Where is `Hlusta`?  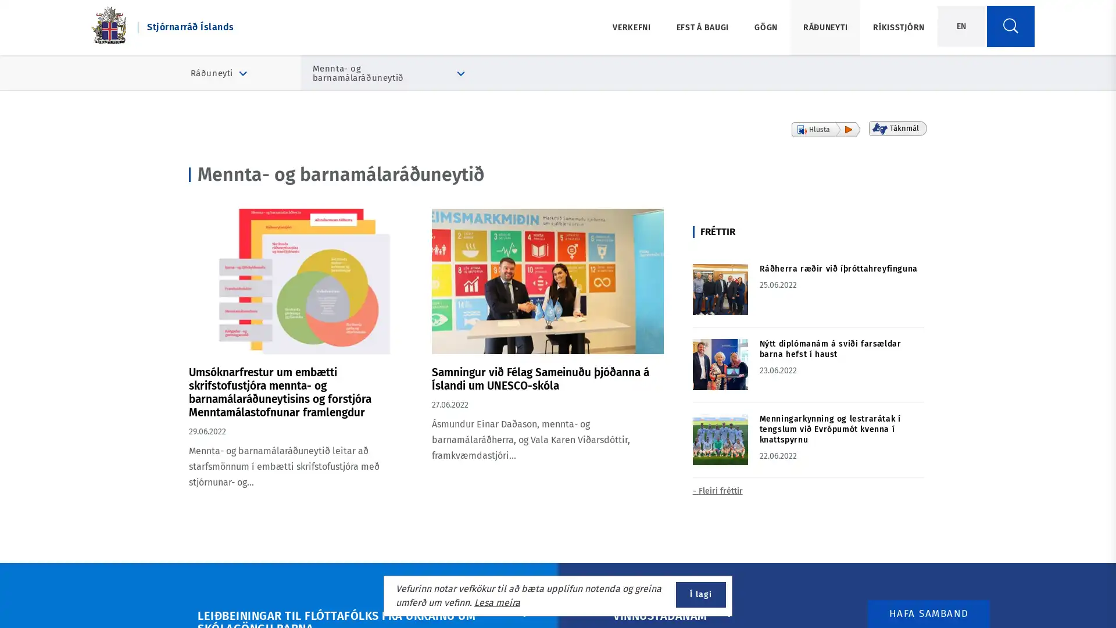
Hlusta is located at coordinates (825, 130).